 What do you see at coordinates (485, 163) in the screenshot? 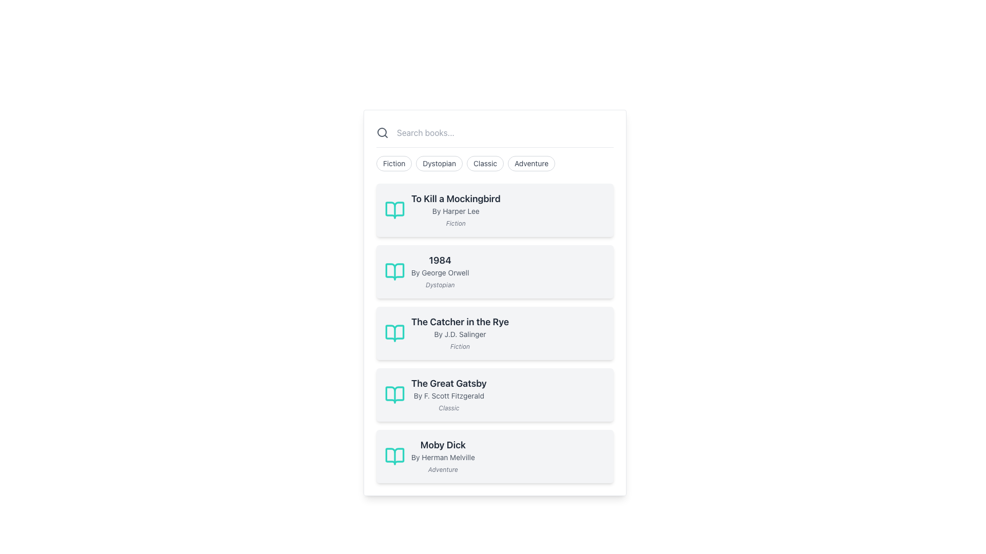
I see `the 'Classic' button, which is a rounded rectangle with a white background and gray border, located above the list of books and positioned between the 'Dystopian' and 'Adventure' buttons` at bounding box center [485, 163].